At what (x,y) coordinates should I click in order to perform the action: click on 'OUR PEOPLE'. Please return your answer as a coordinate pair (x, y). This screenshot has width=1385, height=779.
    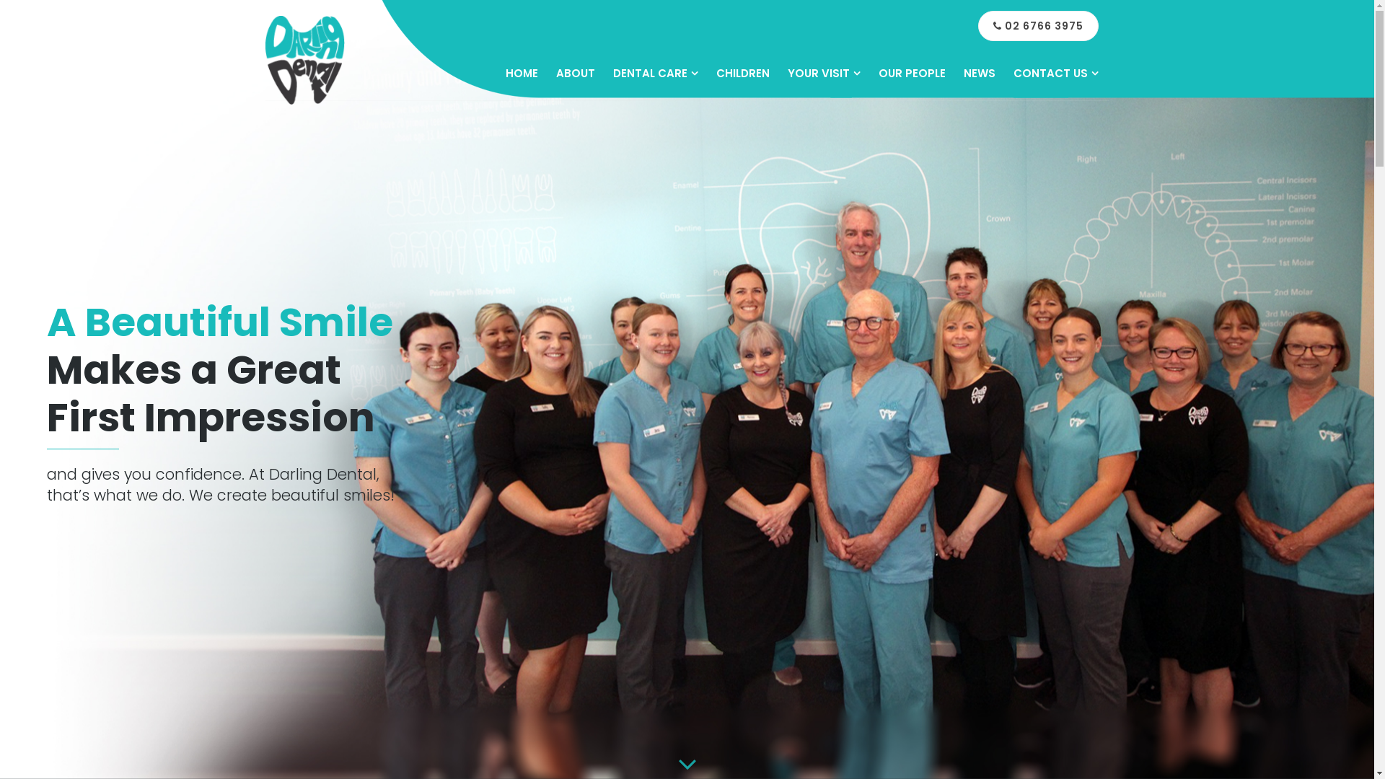
    Looking at the image, I should click on (911, 73).